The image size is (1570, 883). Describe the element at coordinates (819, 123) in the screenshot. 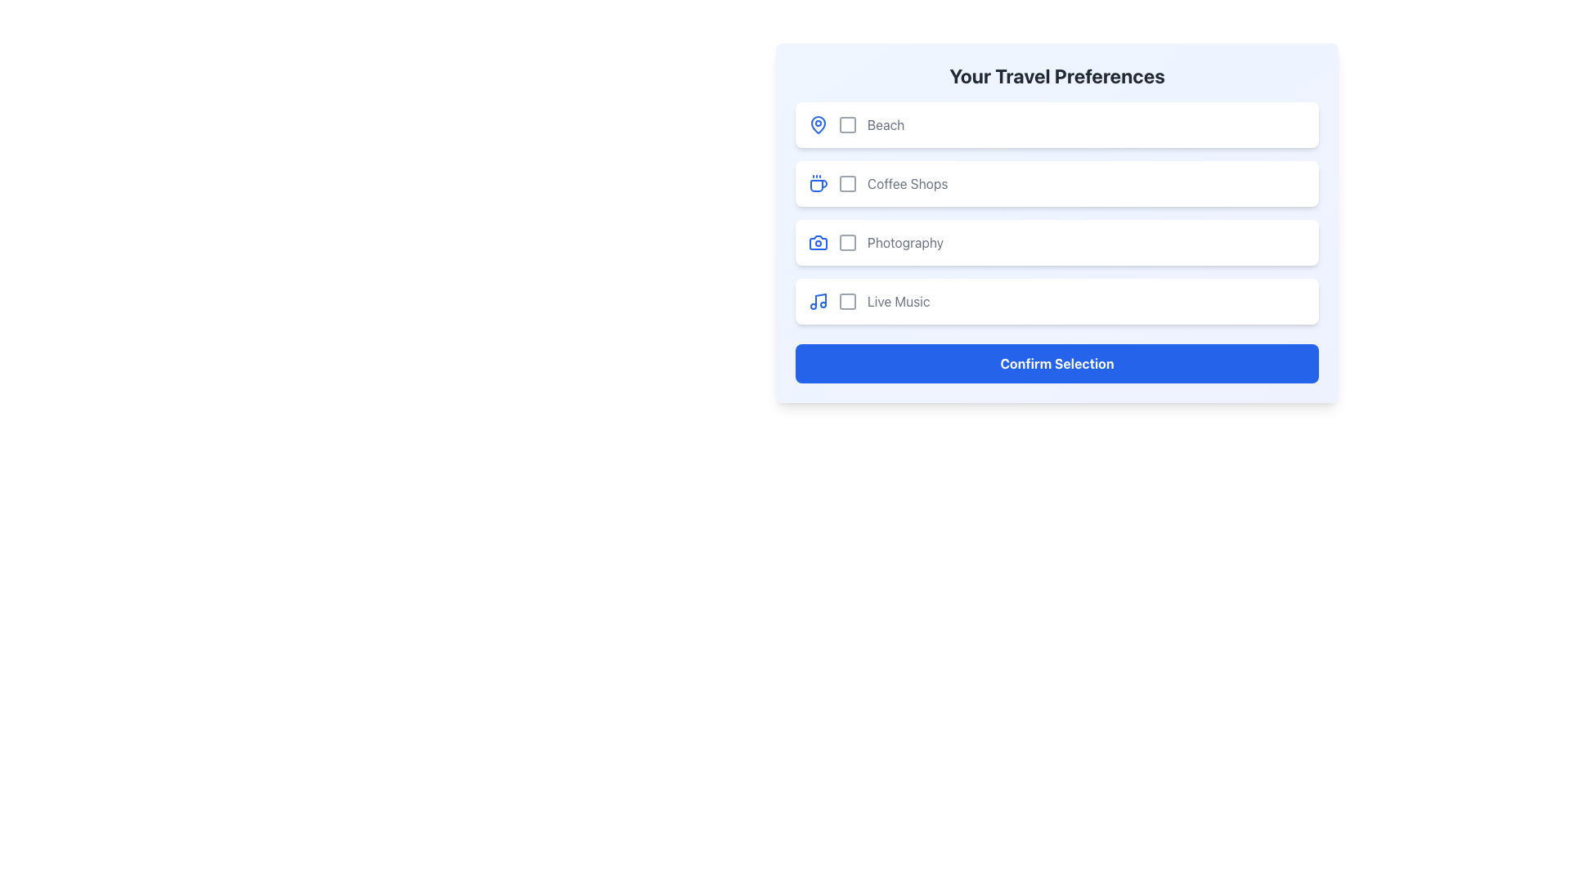

I see `the bottom part of the location pin icon, which is styled with a blue outline and located to the left of the text label 'Beach', the first option in a list of selectable preferences` at that location.